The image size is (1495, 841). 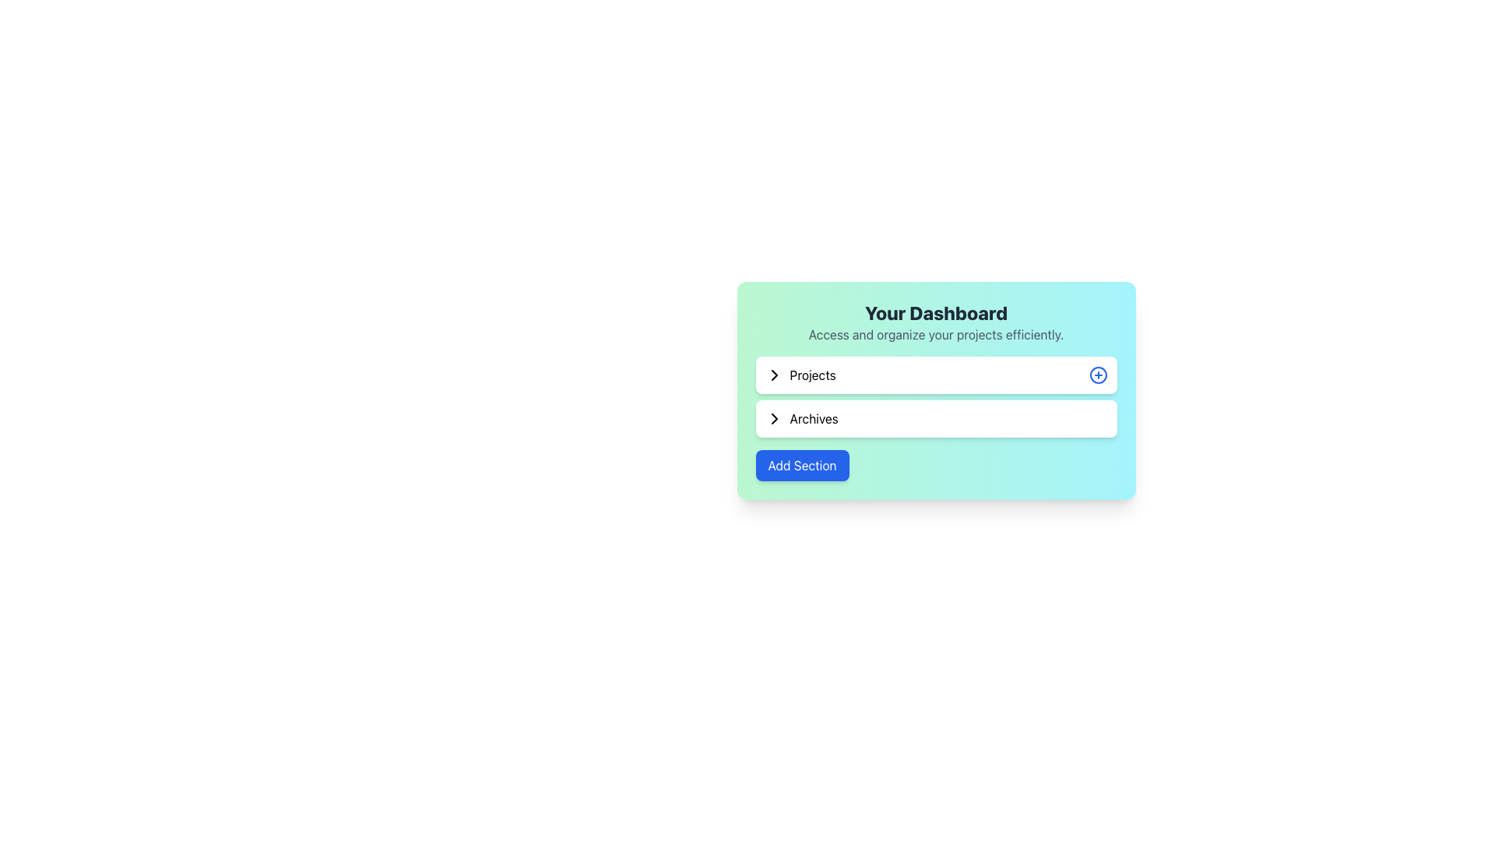 I want to click on bold heading text 'Your Dashboard' displayed prominently at the top-center of the user interface card, so click(x=935, y=312).